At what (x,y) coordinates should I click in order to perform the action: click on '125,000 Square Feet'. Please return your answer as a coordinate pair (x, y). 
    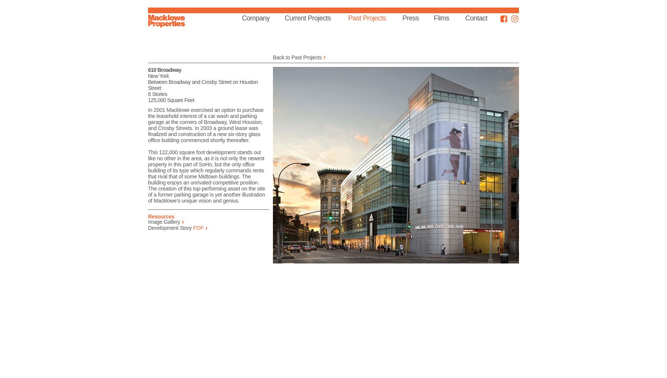
    Looking at the image, I should click on (170, 100).